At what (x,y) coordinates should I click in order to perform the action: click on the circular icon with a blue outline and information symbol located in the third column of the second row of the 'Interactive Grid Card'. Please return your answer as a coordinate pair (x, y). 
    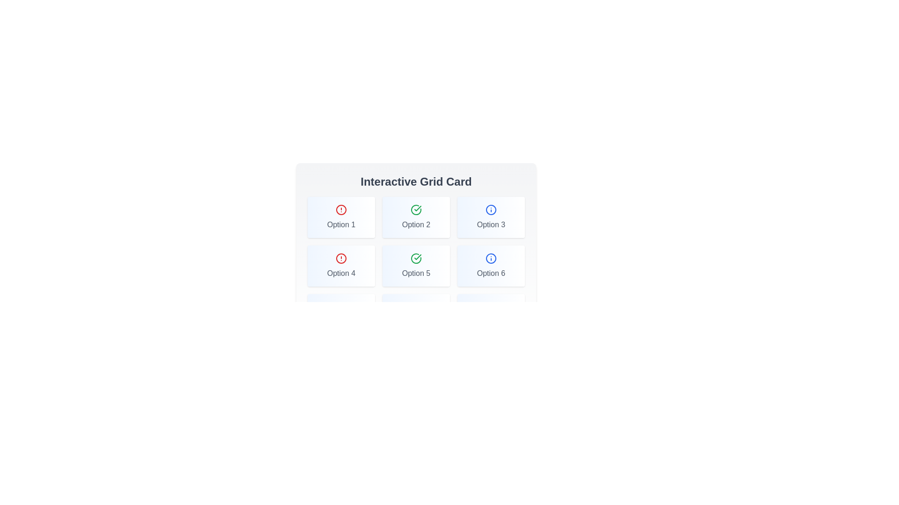
    Looking at the image, I should click on (491, 258).